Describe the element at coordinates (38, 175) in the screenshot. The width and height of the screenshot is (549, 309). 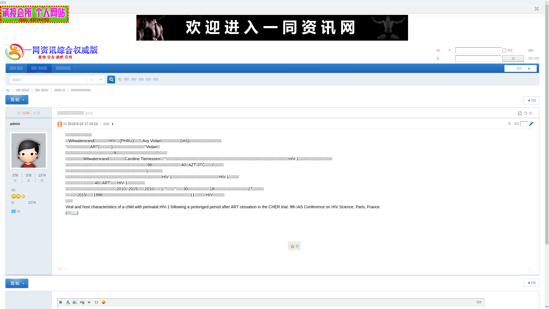
I see `'1374'` at that location.